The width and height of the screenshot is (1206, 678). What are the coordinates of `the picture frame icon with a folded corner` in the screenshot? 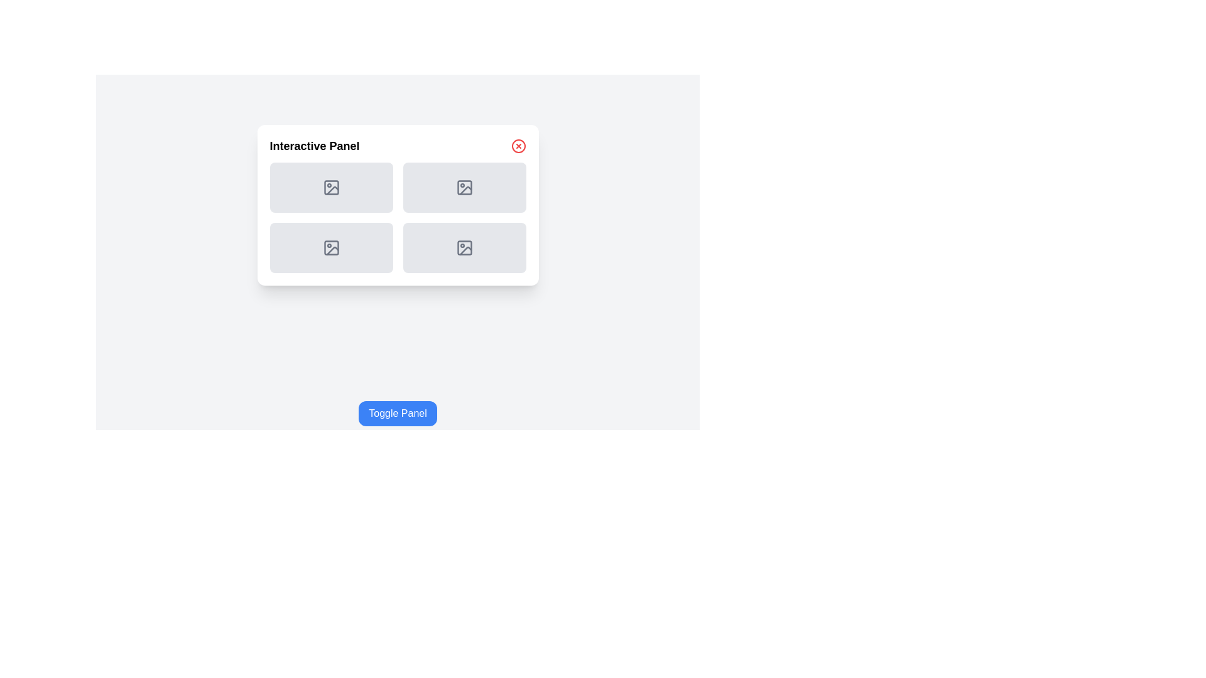 It's located at (331, 247).